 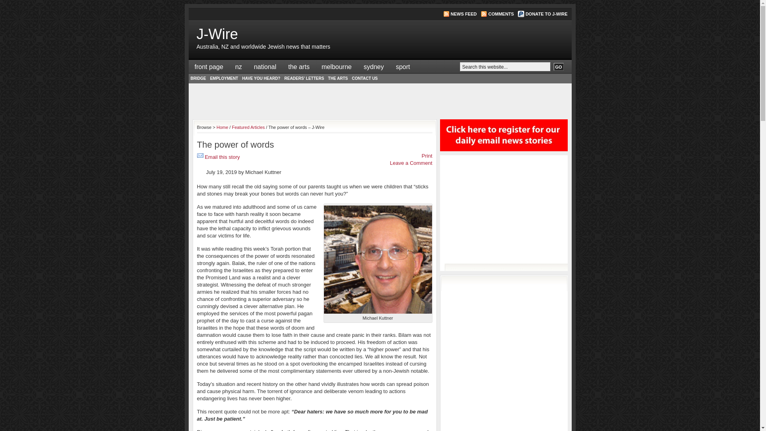 What do you see at coordinates (205, 157) in the screenshot?
I see `'Email this story'` at bounding box center [205, 157].